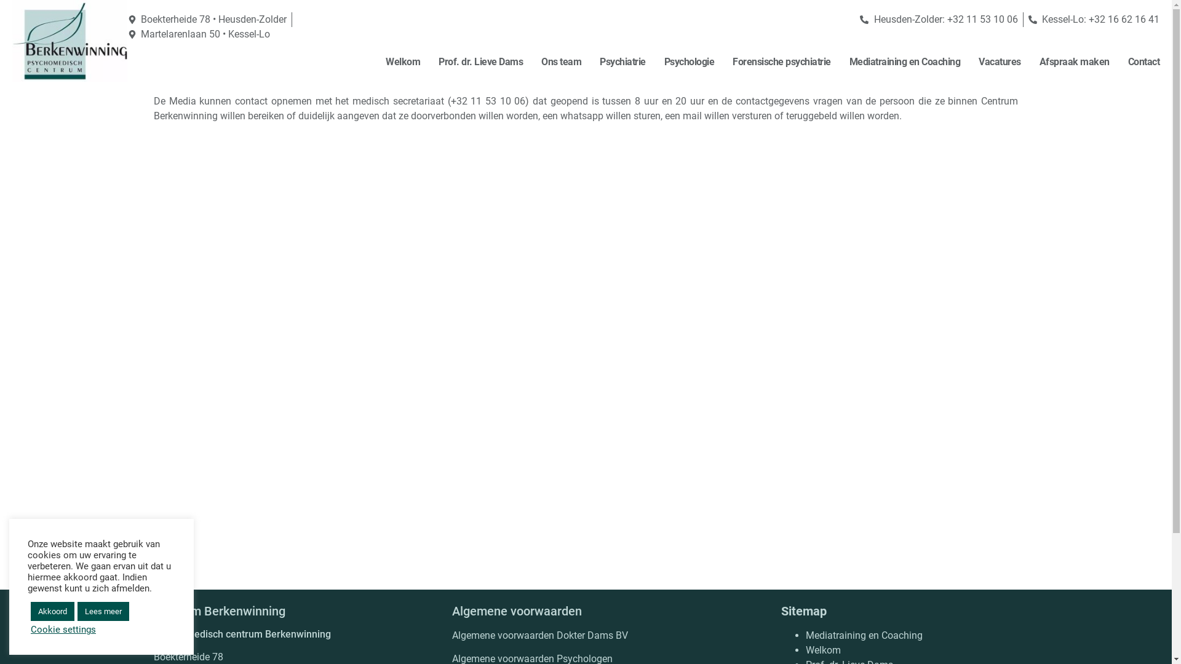 This screenshot has height=664, width=1181. Describe the element at coordinates (62, 629) in the screenshot. I see `'Cookie settings'` at that location.